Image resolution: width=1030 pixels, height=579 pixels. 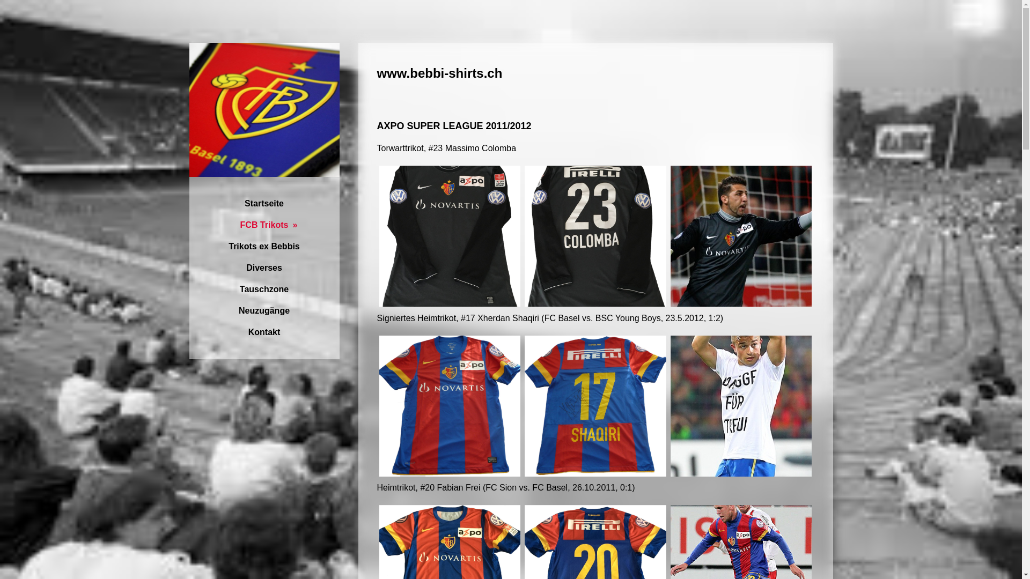 I want to click on 'Diverses', so click(x=263, y=268).